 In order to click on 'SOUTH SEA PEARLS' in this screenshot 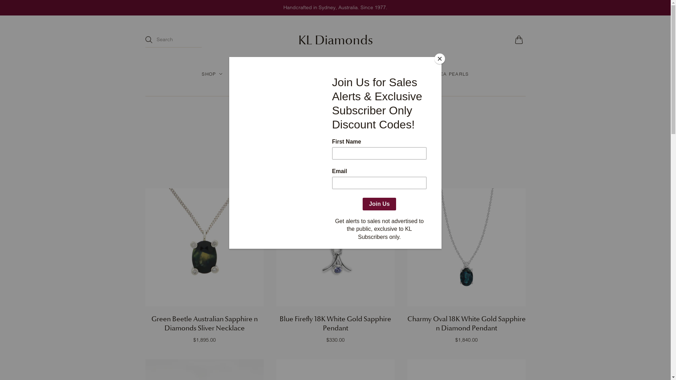, I will do `click(417, 74)`.